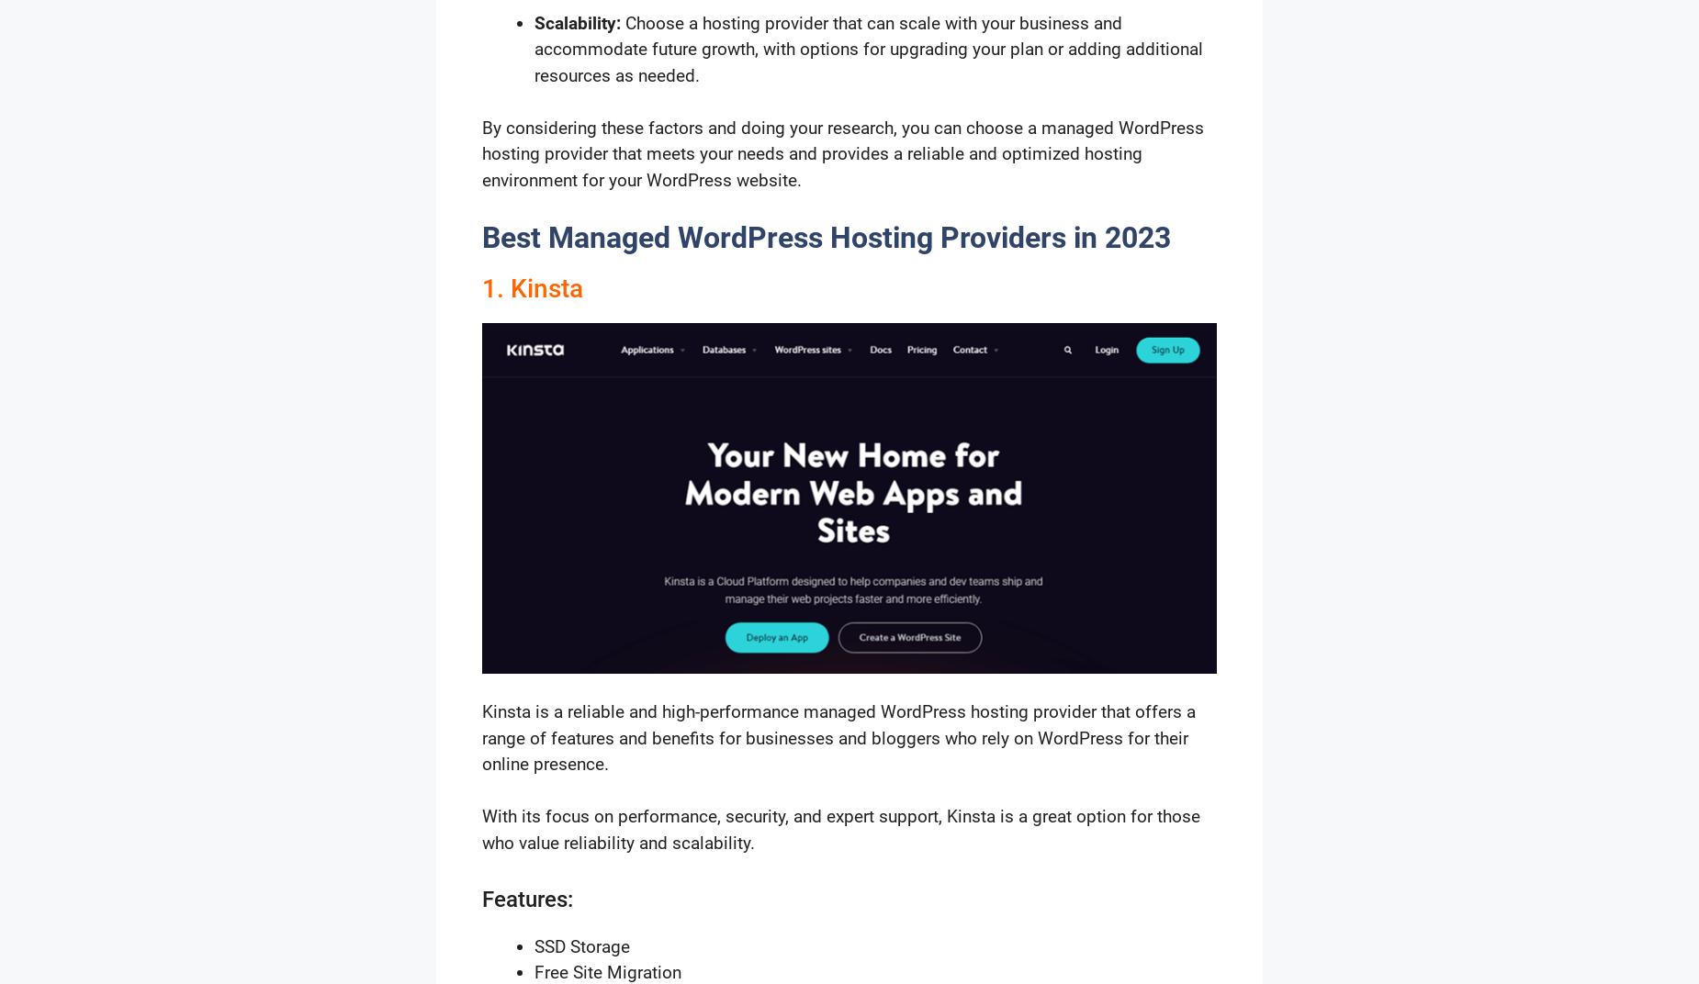 The height and width of the screenshot is (984, 1699). Describe the element at coordinates (532, 286) in the screenshot. I see `'1. Kinsta'` at that location.